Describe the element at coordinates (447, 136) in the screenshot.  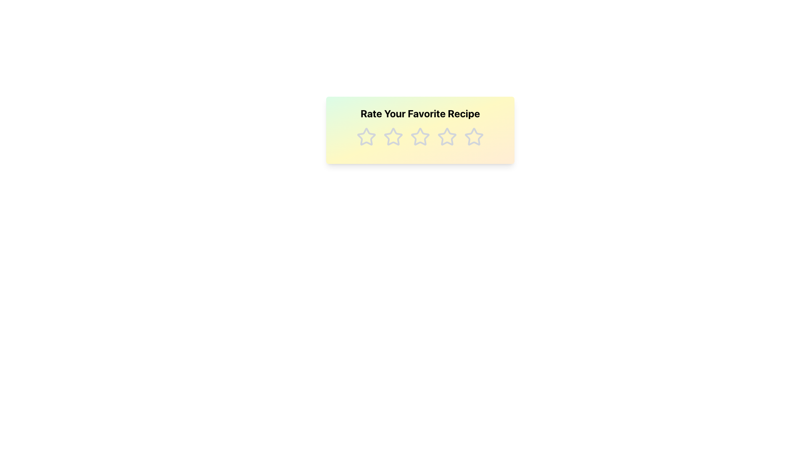
I see `the fourth star-shaped icon in the rating component, which is styled with a gray color and has a hollow outline` at that location.